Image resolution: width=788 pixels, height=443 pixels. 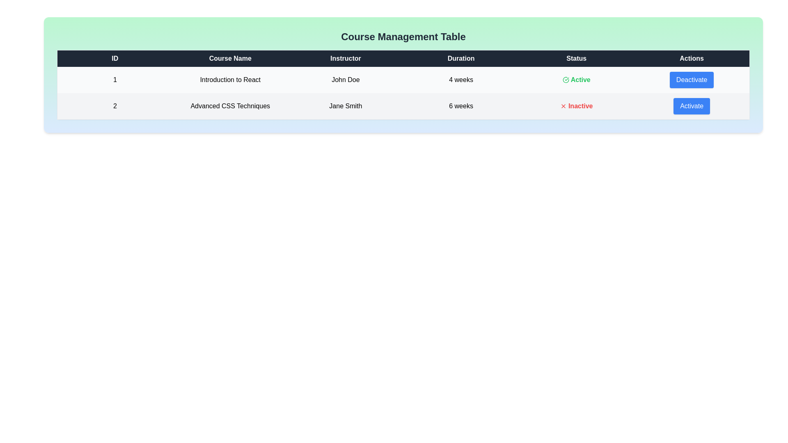 I want to click on status indicator for the course 'Introduction to React' by 'John Doe', located in the 'Status' column of the 'Course Management Table', so click(x=576, y=80).